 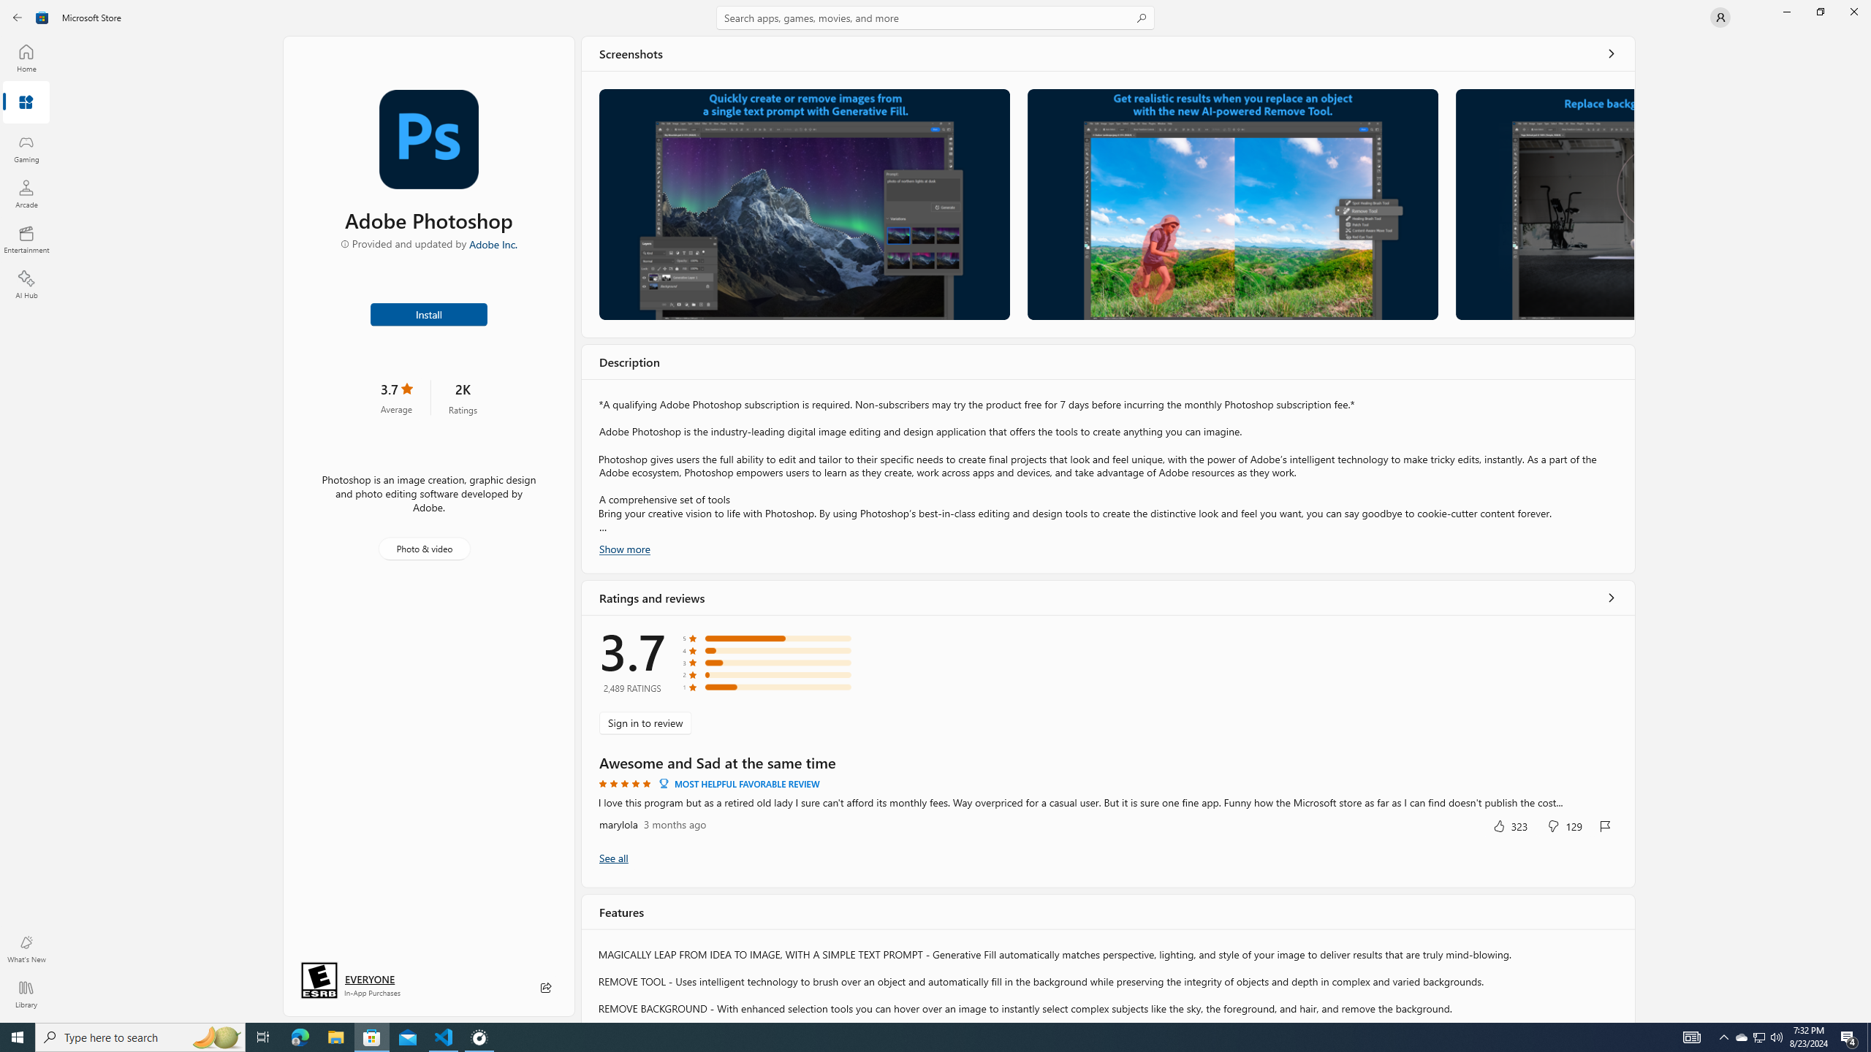 I want to click on 'Report review', so click(x=1605, y=826).